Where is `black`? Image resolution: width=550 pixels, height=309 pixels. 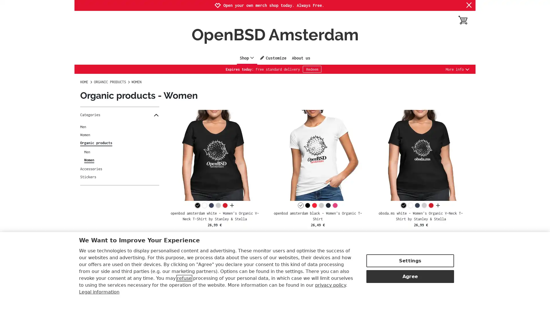 black is located at coordinates (403, 205).